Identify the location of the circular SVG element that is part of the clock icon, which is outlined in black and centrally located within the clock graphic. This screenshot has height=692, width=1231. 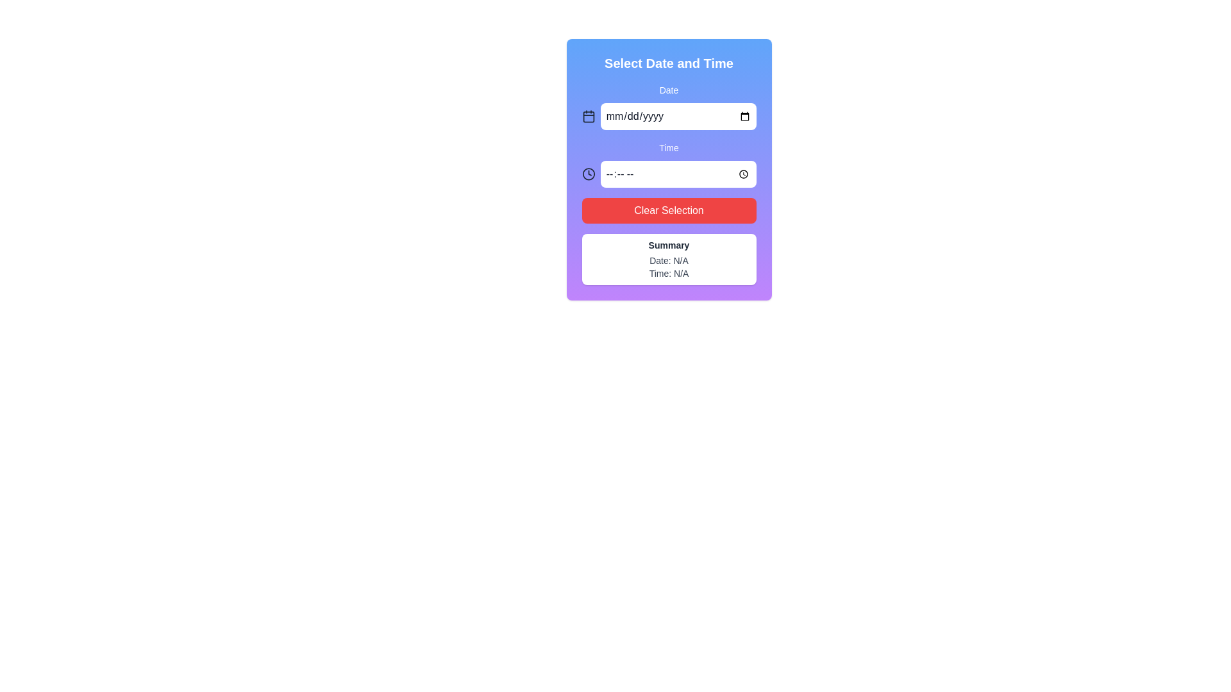
(588, 174).